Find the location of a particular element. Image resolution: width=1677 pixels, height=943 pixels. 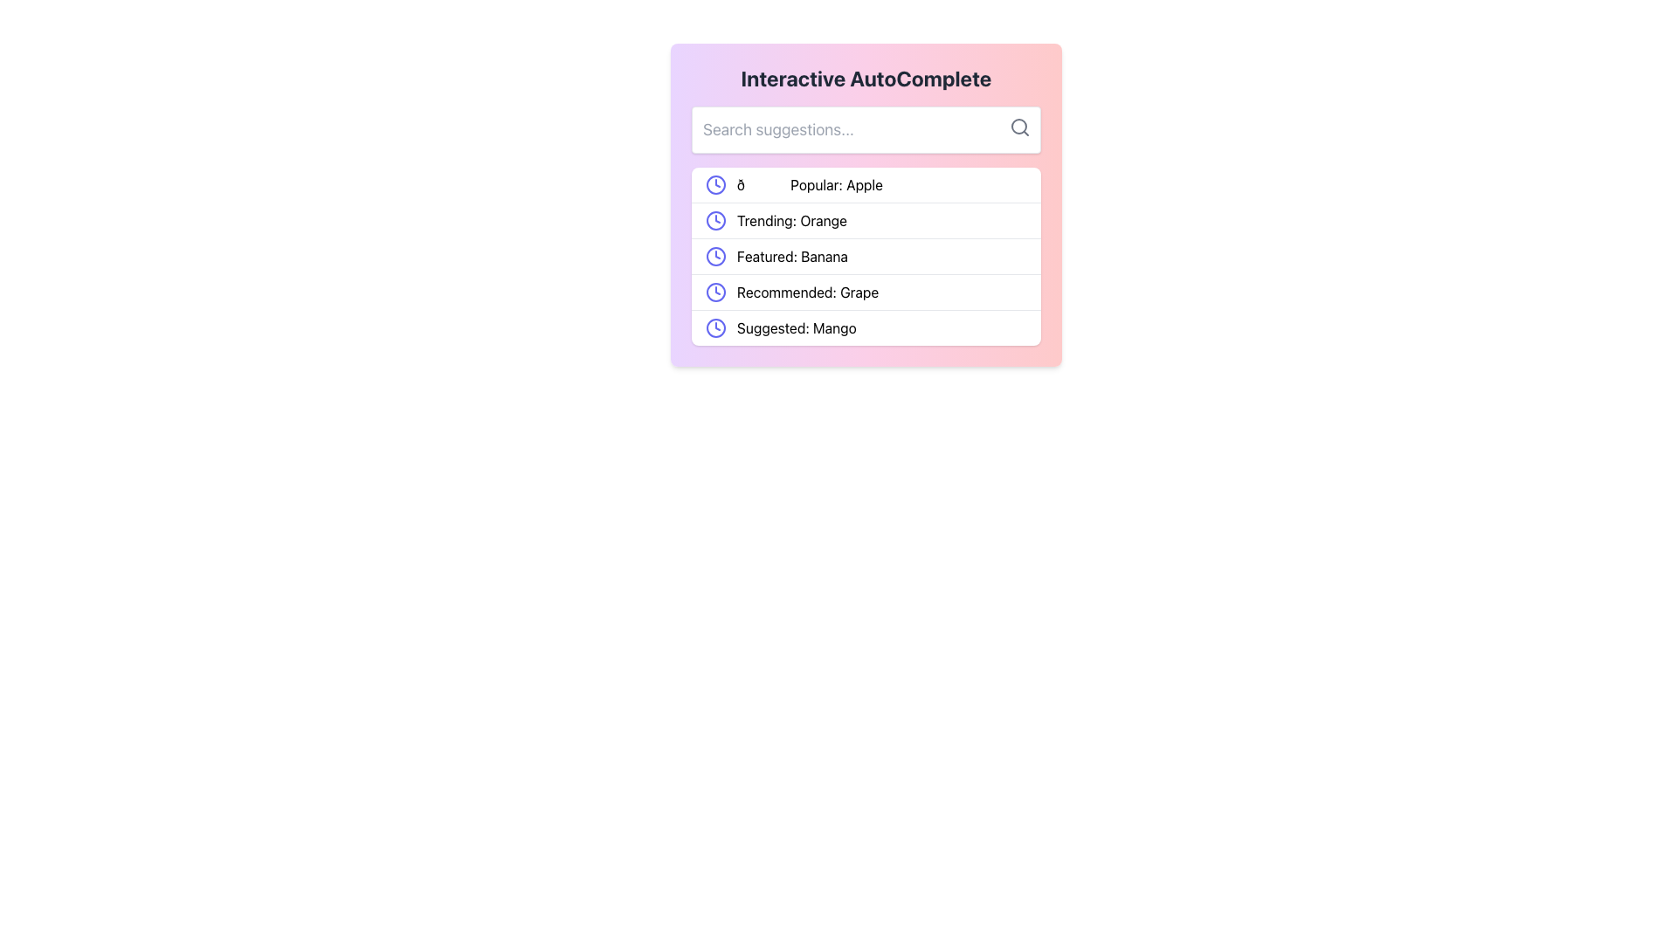

the list item labeled 'Featured: Banana', which is the third item in a dropdown list is located at coordinates (866, 256).